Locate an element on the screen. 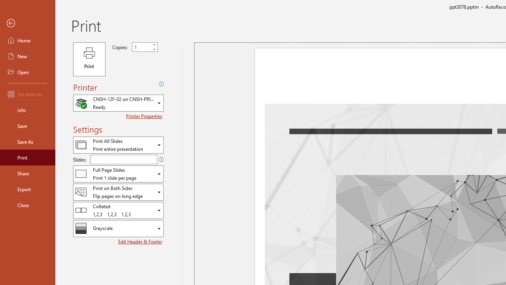 Image resolution: width=506 pixels, height=285 pixels. 'New' is located at coordinates (27, 55).